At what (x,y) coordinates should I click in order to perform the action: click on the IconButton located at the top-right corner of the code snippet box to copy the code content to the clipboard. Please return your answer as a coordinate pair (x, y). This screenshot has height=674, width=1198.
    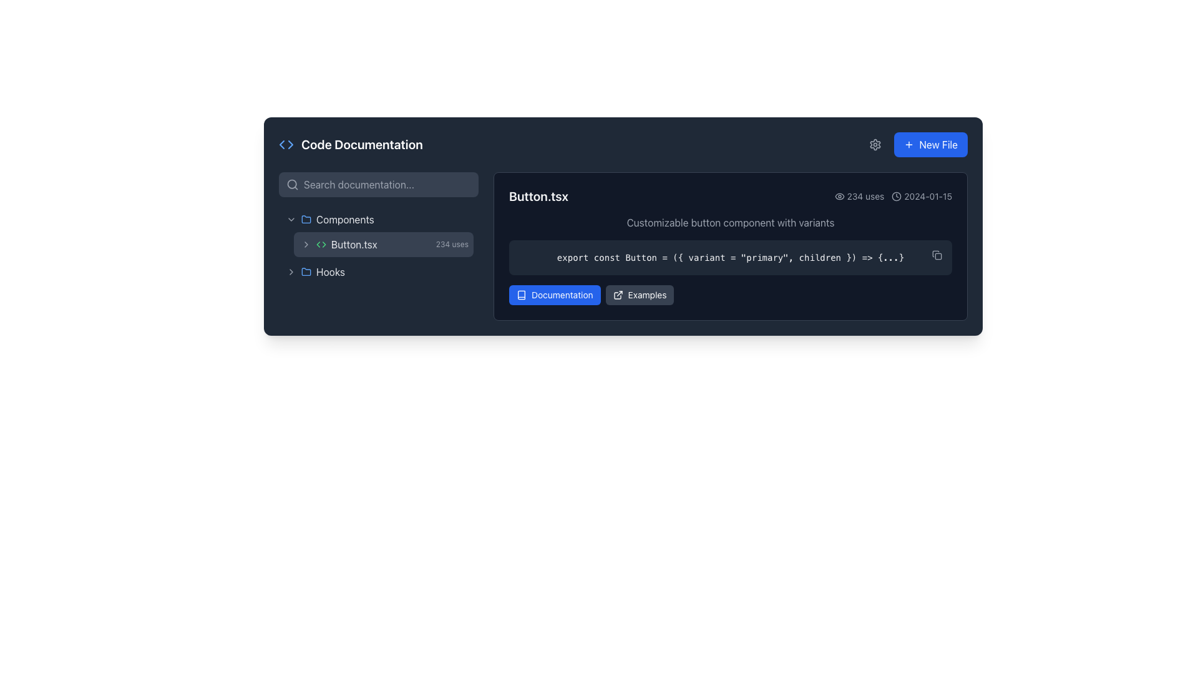
    Looking at the image, I should click on (937, 254).